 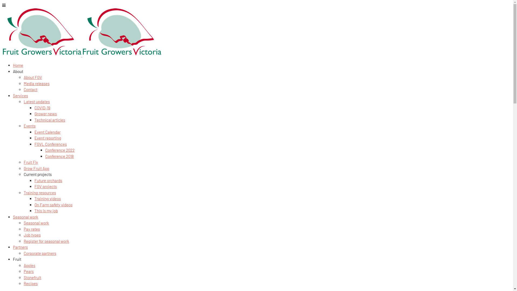 What do you see at coordinates (46, 113) in the screenshot?
I see `'Grower news'` at bounding box center [46, 113].